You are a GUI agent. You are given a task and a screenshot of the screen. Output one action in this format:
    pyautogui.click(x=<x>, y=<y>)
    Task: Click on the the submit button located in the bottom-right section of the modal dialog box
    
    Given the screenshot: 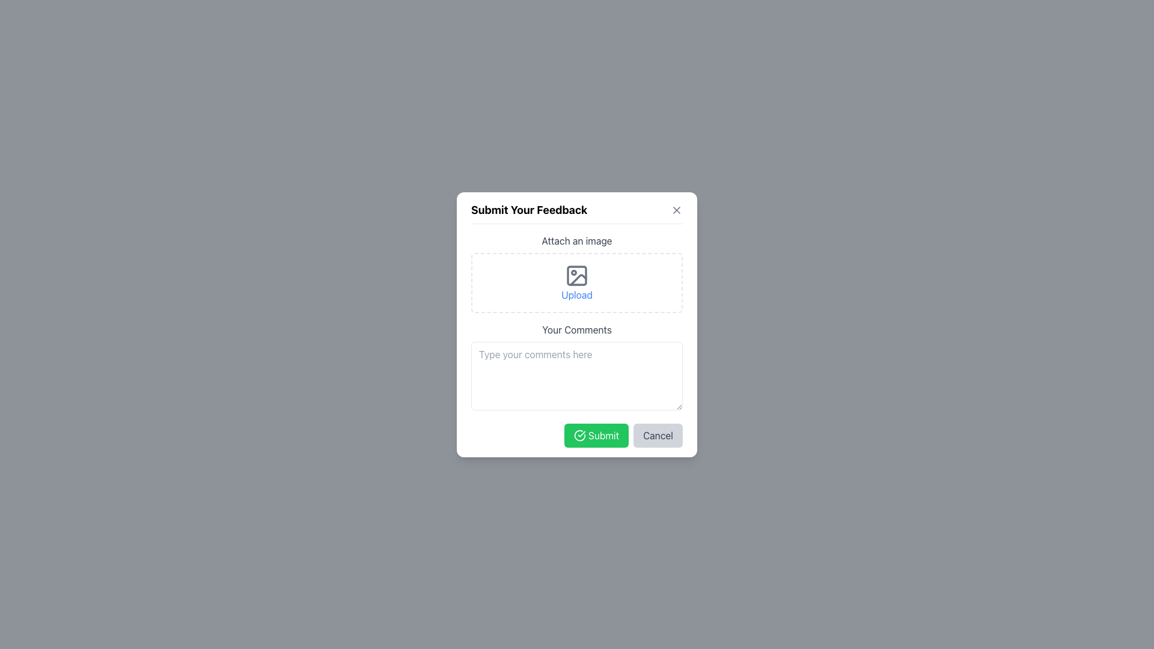 What is the action you would take?
    pyautogui.click(x=596, y=435)
    